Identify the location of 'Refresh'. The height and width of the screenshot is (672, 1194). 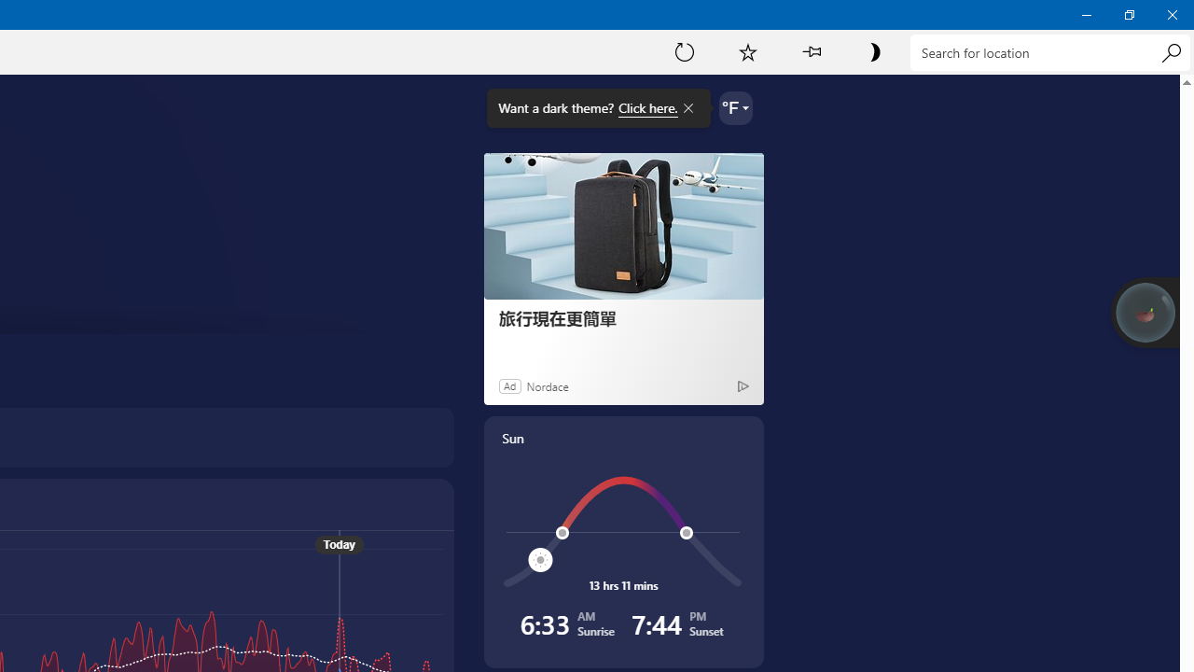
(684, 50).